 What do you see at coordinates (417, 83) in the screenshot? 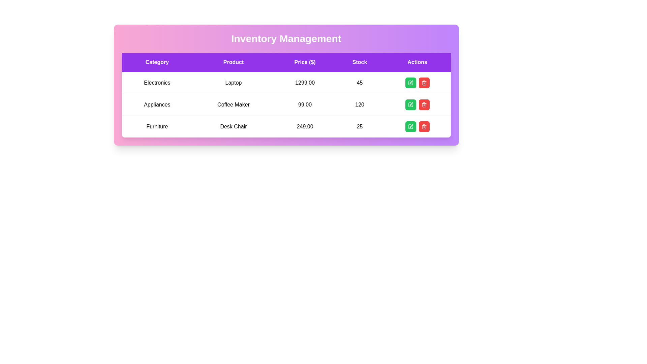
I see `the green button in the action button group` at bounding box center [417, 83].